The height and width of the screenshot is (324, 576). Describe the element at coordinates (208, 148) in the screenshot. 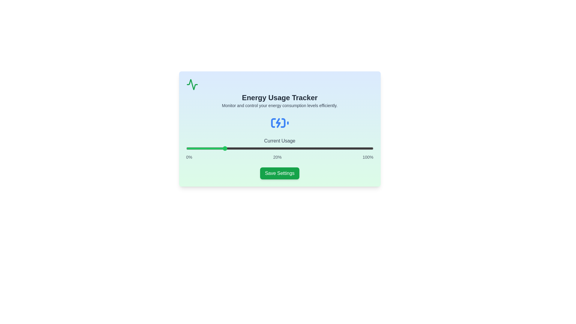

I see `the energy usage slider to 12%` at that location.